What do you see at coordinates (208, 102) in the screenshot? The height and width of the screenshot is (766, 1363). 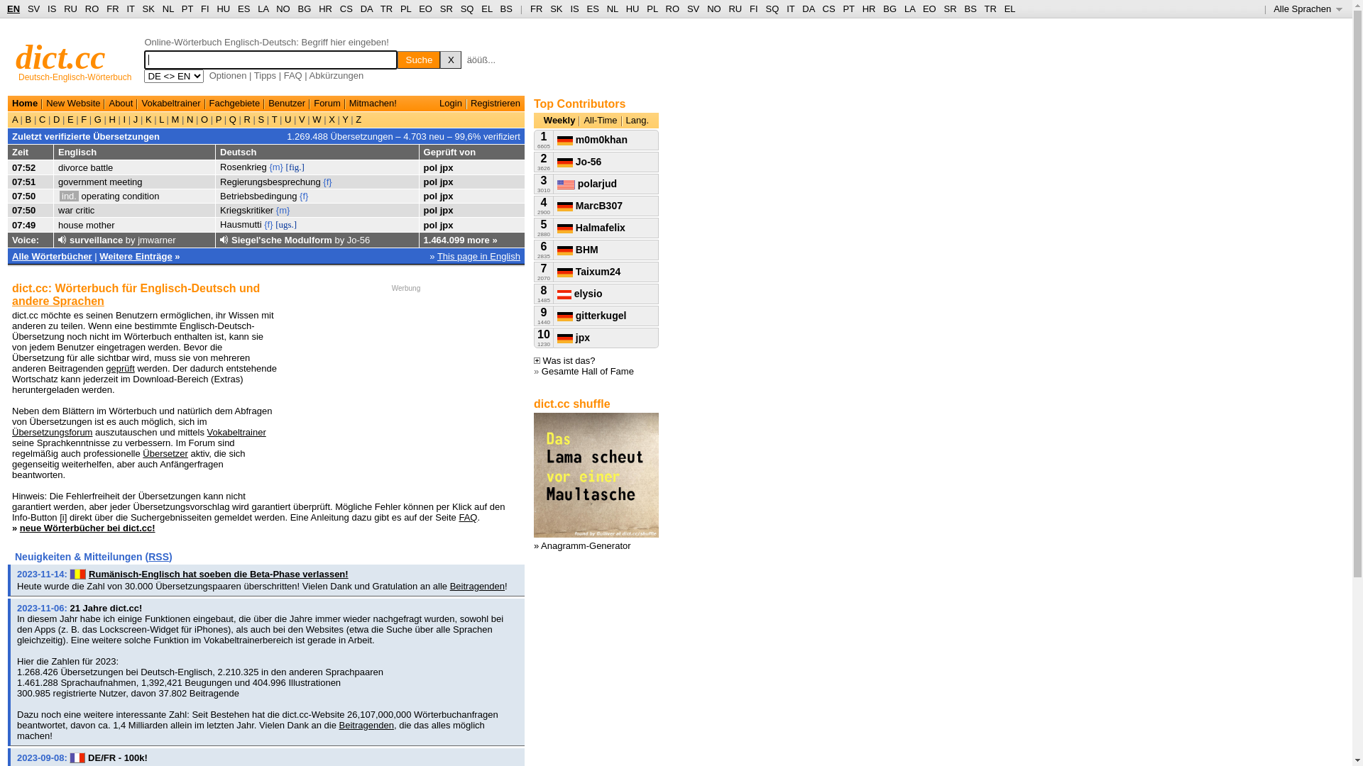 I see `'Fachgebiete'` at bounding box center [208, 102].